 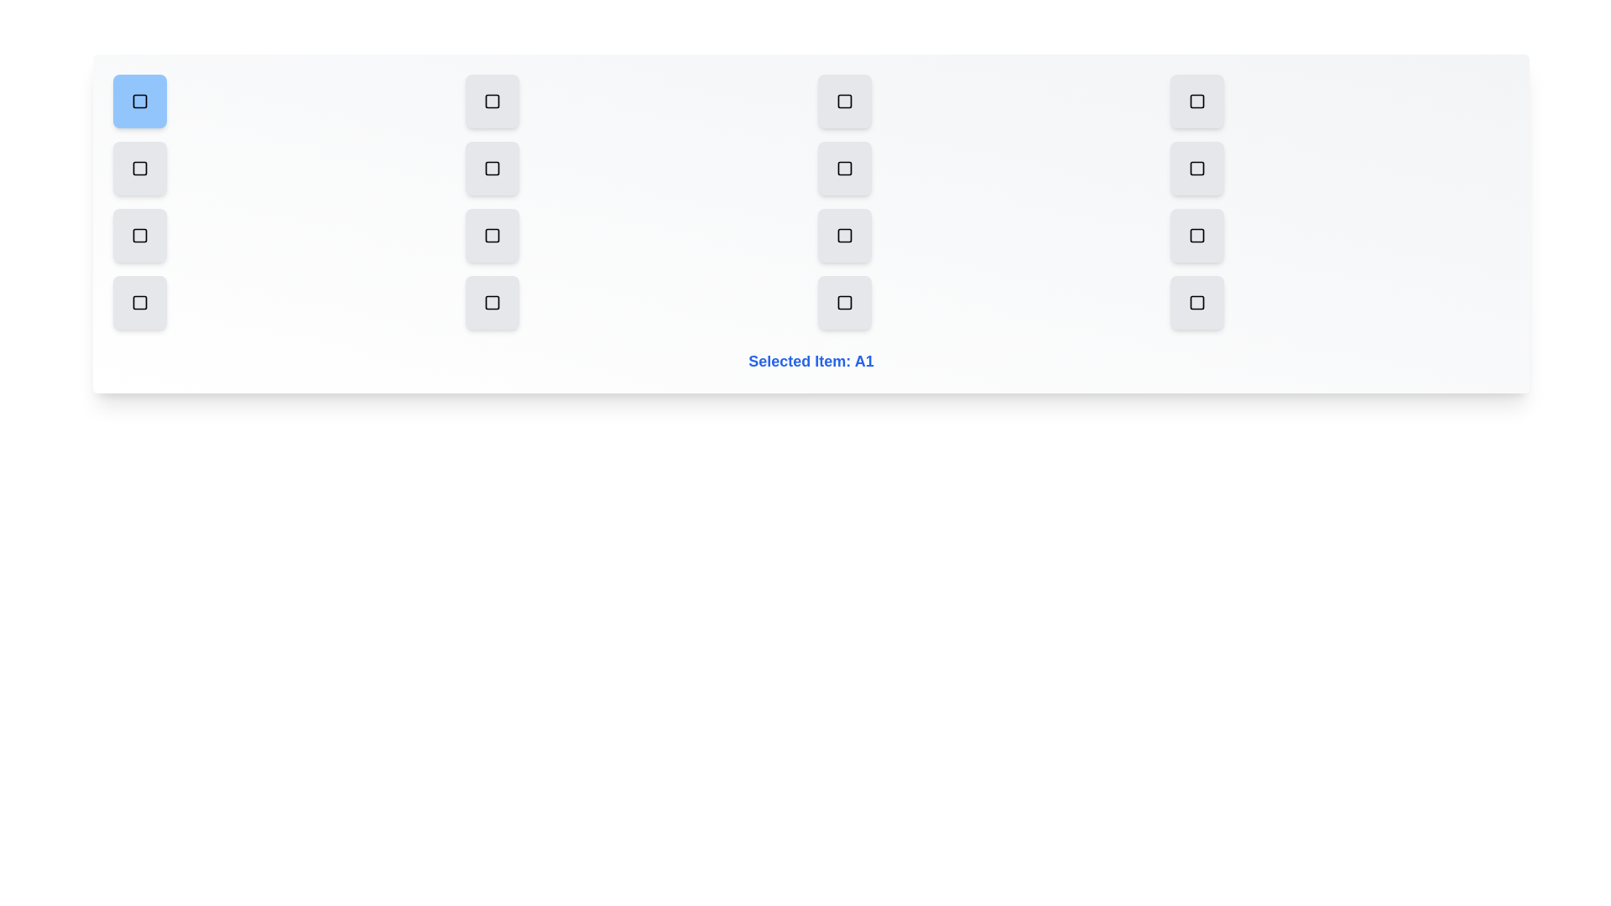 I want to click on the grid item D4 to select it, so click(x=1196, y=303).